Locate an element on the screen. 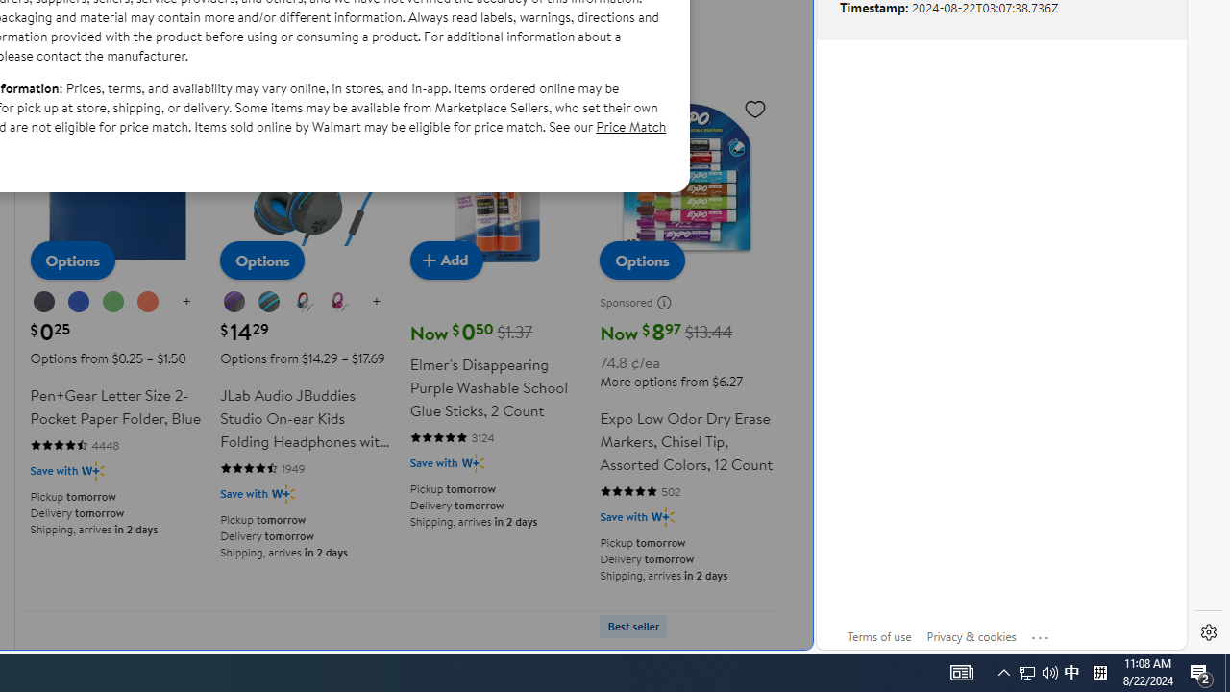 This screenshot has height=692, width=1230. 'Terms of use' is located at coordinates (878, 636).